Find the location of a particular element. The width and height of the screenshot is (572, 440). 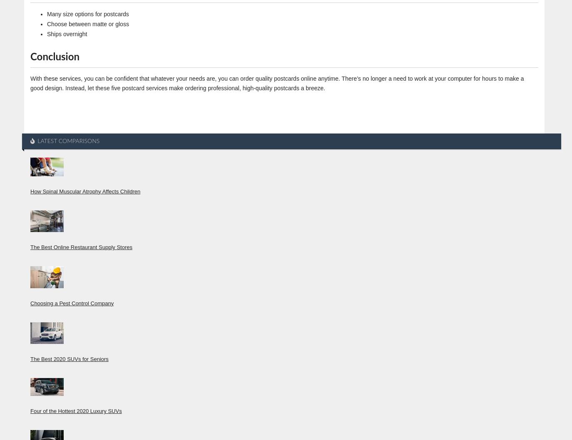

'Four of the Hottest 2020 Luxury SUVs' is located at coordinates (75, 410).